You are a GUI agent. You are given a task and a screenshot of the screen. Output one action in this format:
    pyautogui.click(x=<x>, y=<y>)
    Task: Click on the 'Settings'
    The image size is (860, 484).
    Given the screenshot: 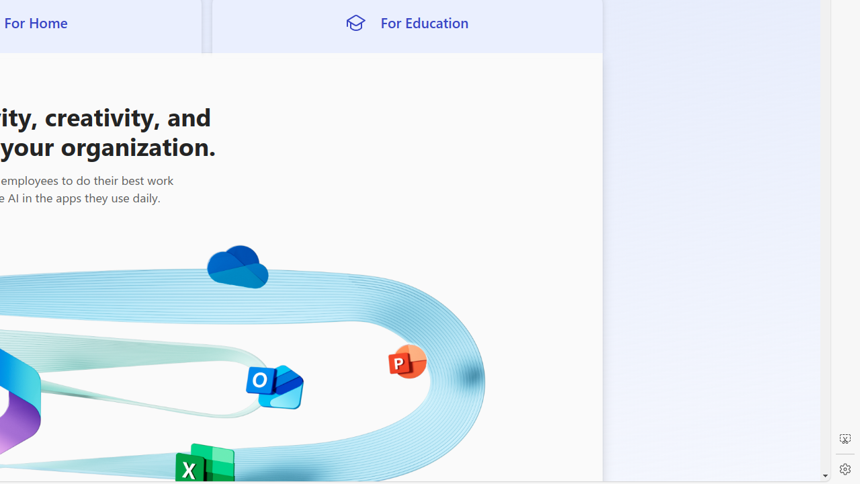 What is the action you would take?
    pyautogui.click(x=844, y=468)
    